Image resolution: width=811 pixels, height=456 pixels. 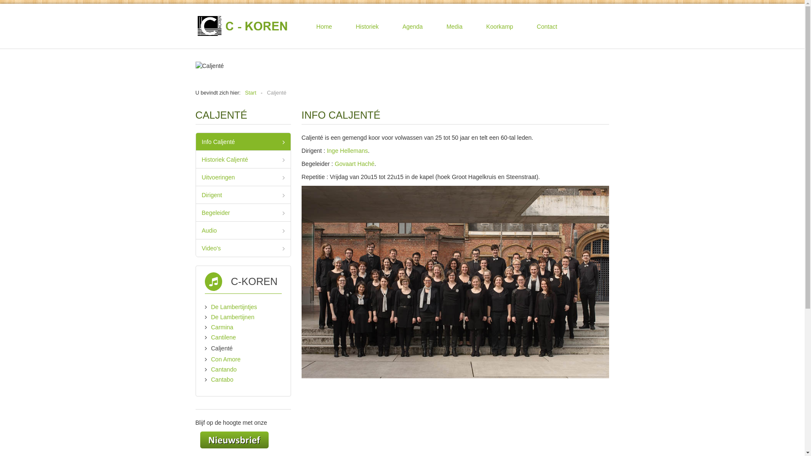 I want to click on 'Media', so click(x=454, y=26).